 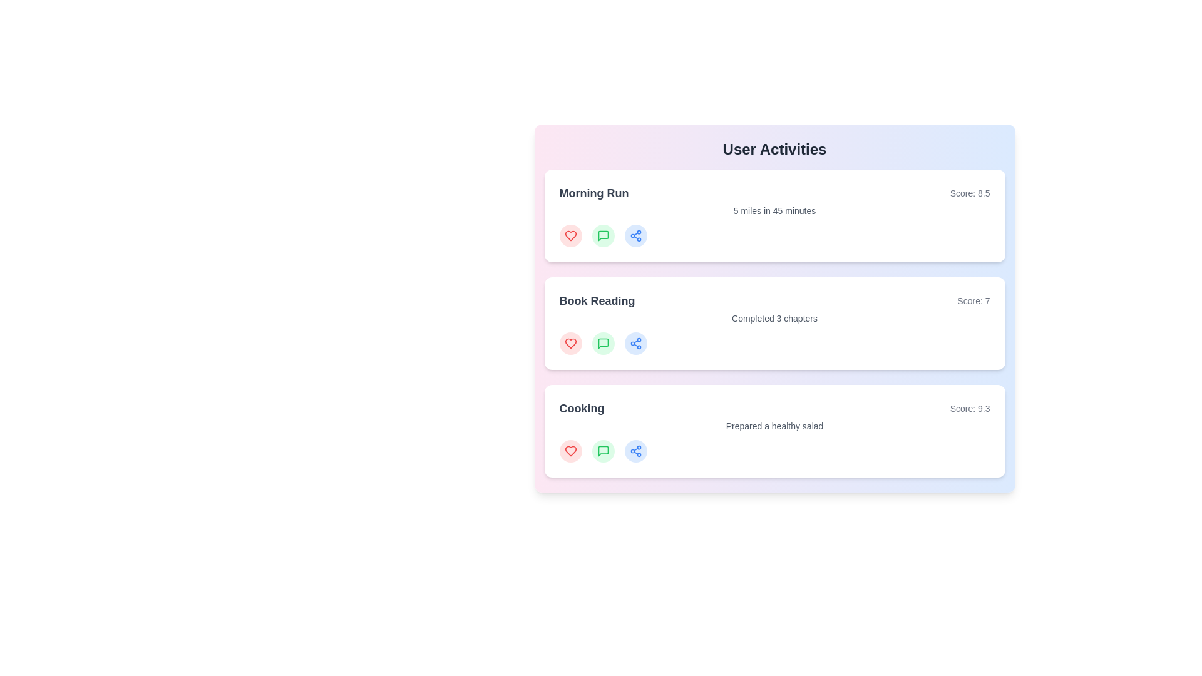 What do you see at coordinates (635, 343) in the screenshot?
I see `'share' button on the activity card for Book Reading` at bounding box center [635, 343].